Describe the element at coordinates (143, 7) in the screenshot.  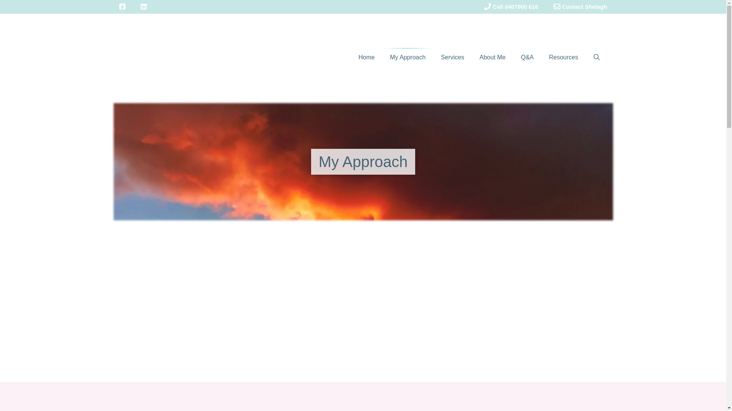
I see `'Linked In'` at that location.